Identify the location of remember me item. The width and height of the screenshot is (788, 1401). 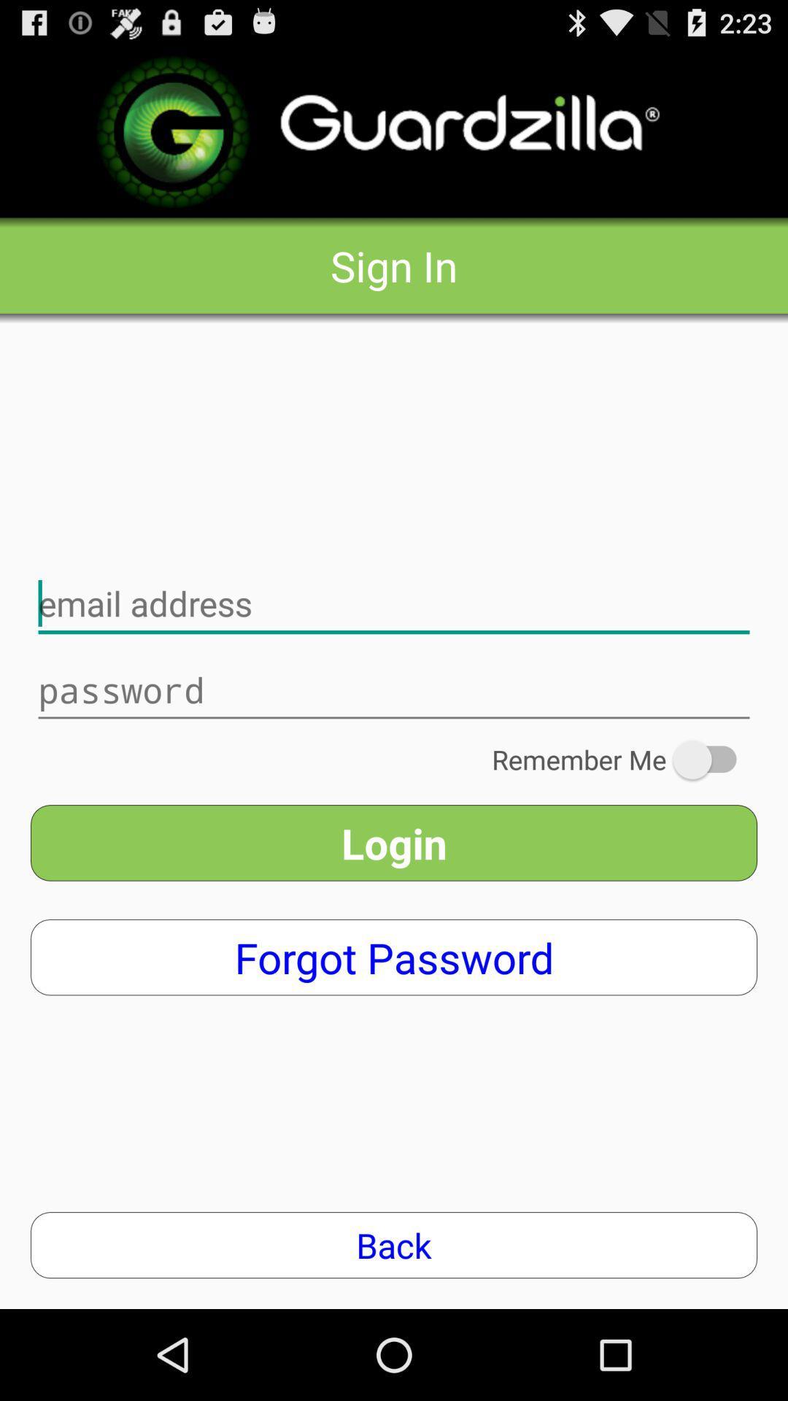
(624, 759).